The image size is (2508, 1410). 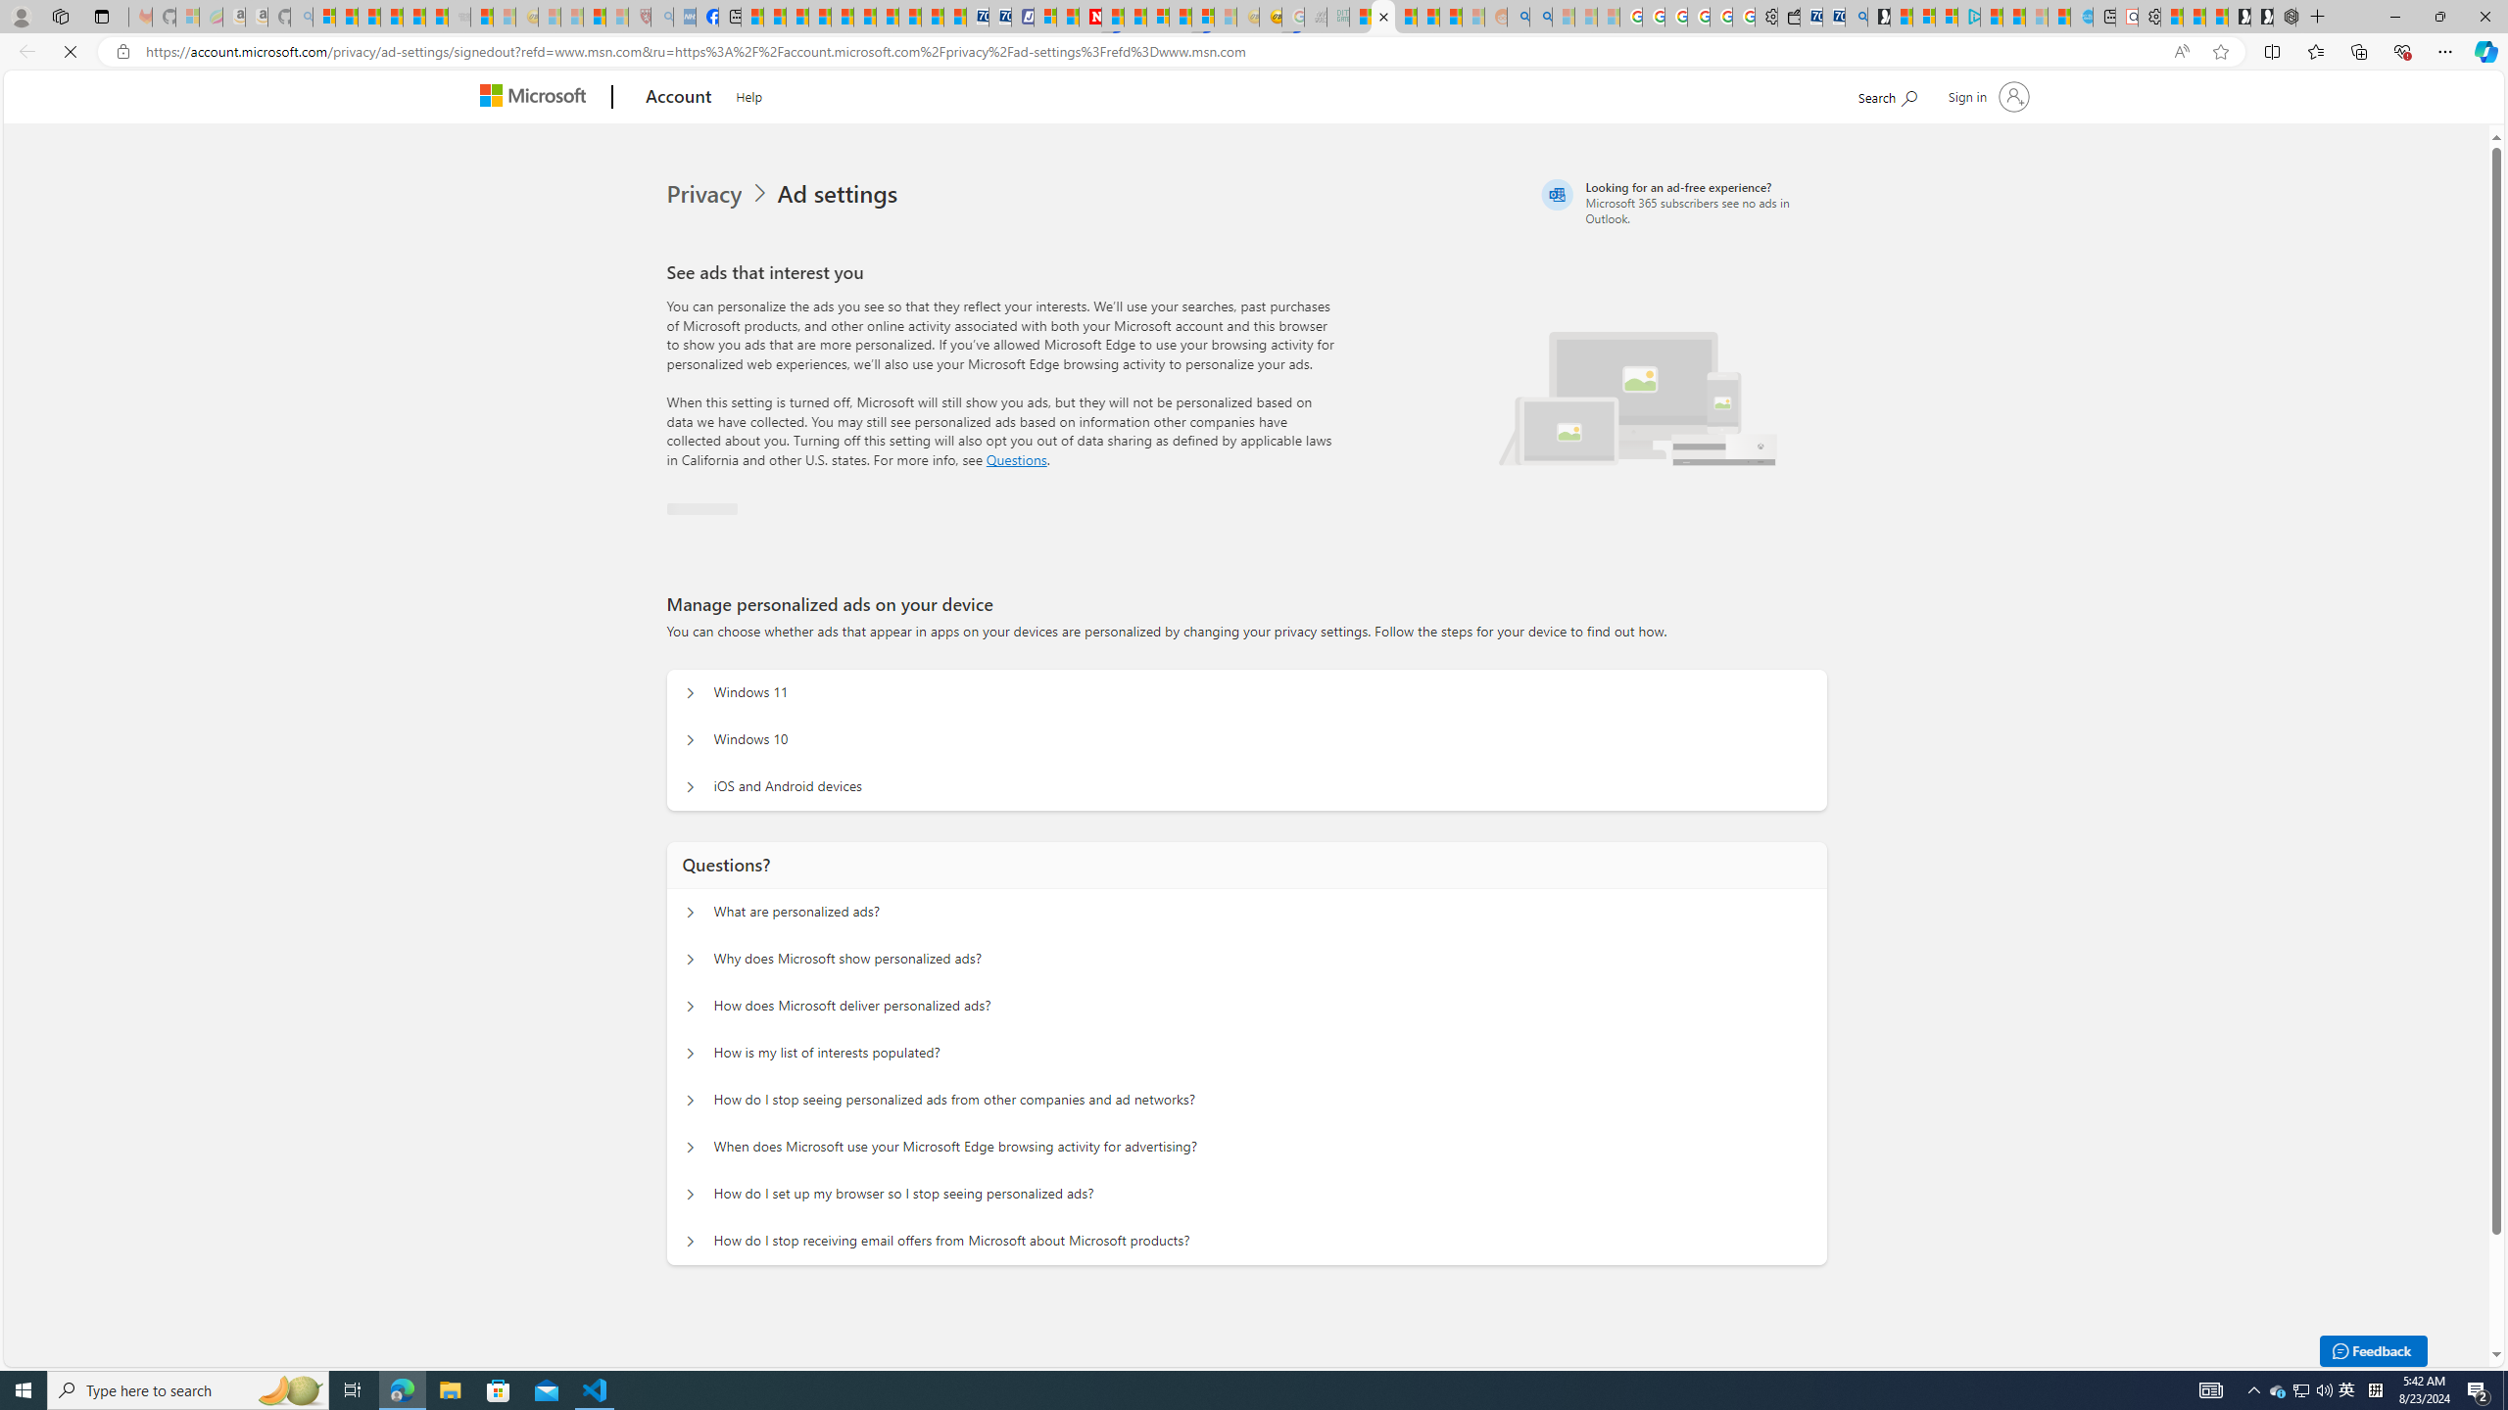 I want to click on 'Ad settings', so click(x=835, y=194).